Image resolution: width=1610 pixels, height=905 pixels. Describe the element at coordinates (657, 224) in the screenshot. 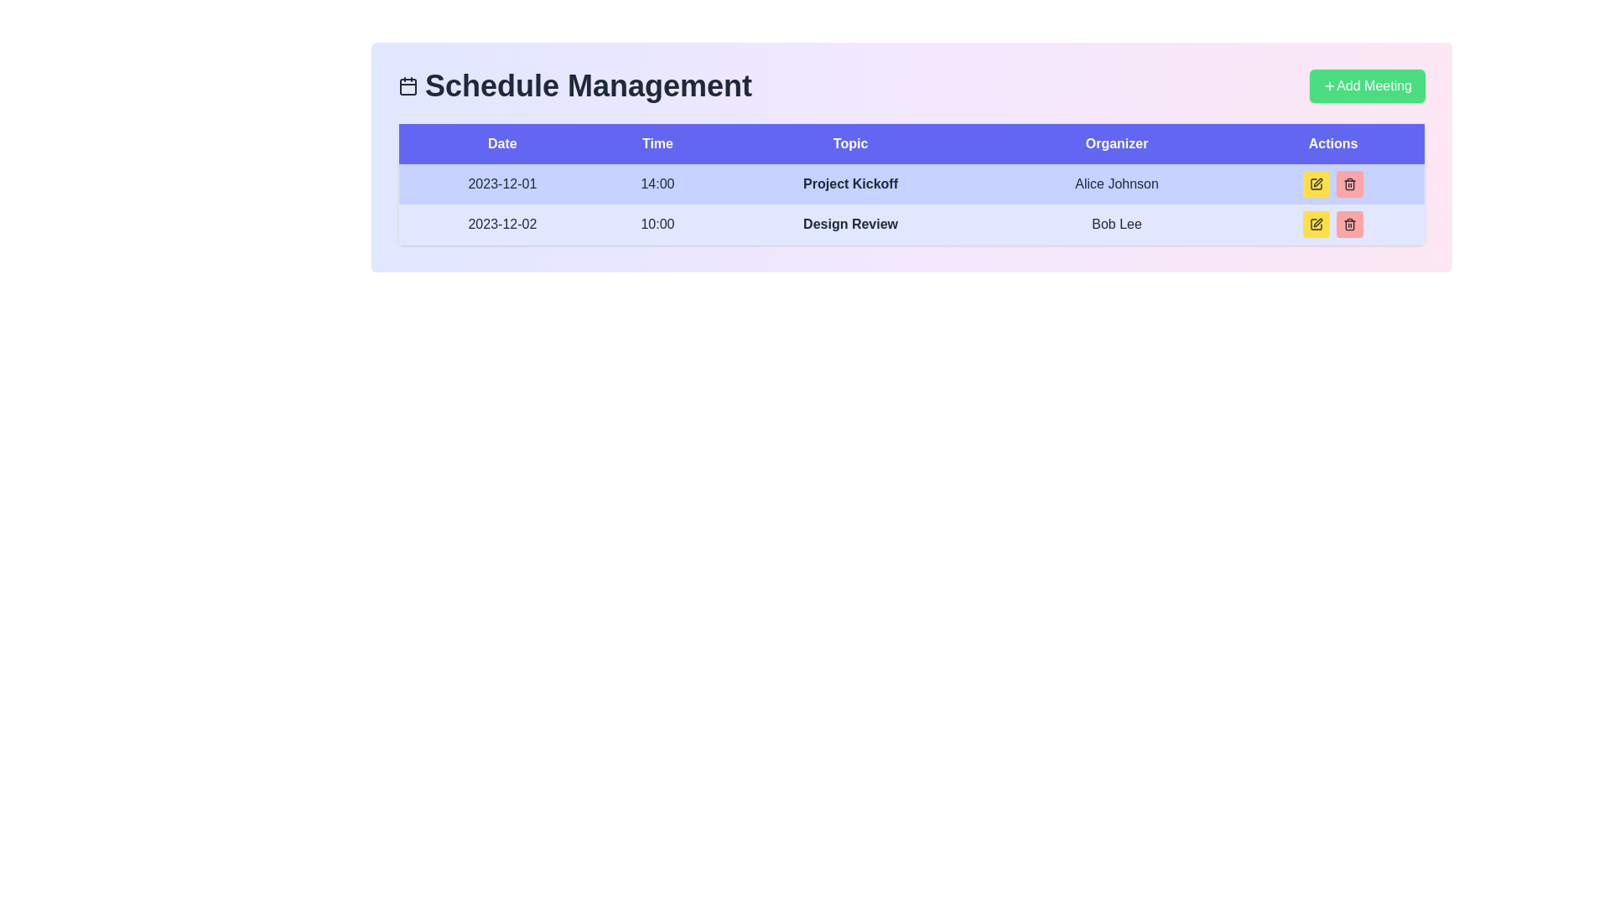

I see `the text label displaying '10:00' in dark font on a light blue background, located in the second row under the 'Time' column of the table` at that location.